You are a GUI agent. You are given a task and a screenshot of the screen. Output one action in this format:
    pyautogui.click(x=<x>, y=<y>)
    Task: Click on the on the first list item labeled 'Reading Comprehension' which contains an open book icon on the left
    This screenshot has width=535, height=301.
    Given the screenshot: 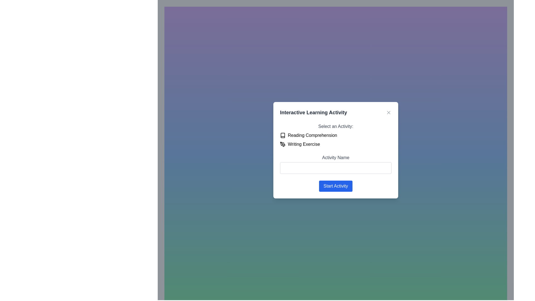 What is the action you would take?
    pyautogui.click(x=335, y=135)
    